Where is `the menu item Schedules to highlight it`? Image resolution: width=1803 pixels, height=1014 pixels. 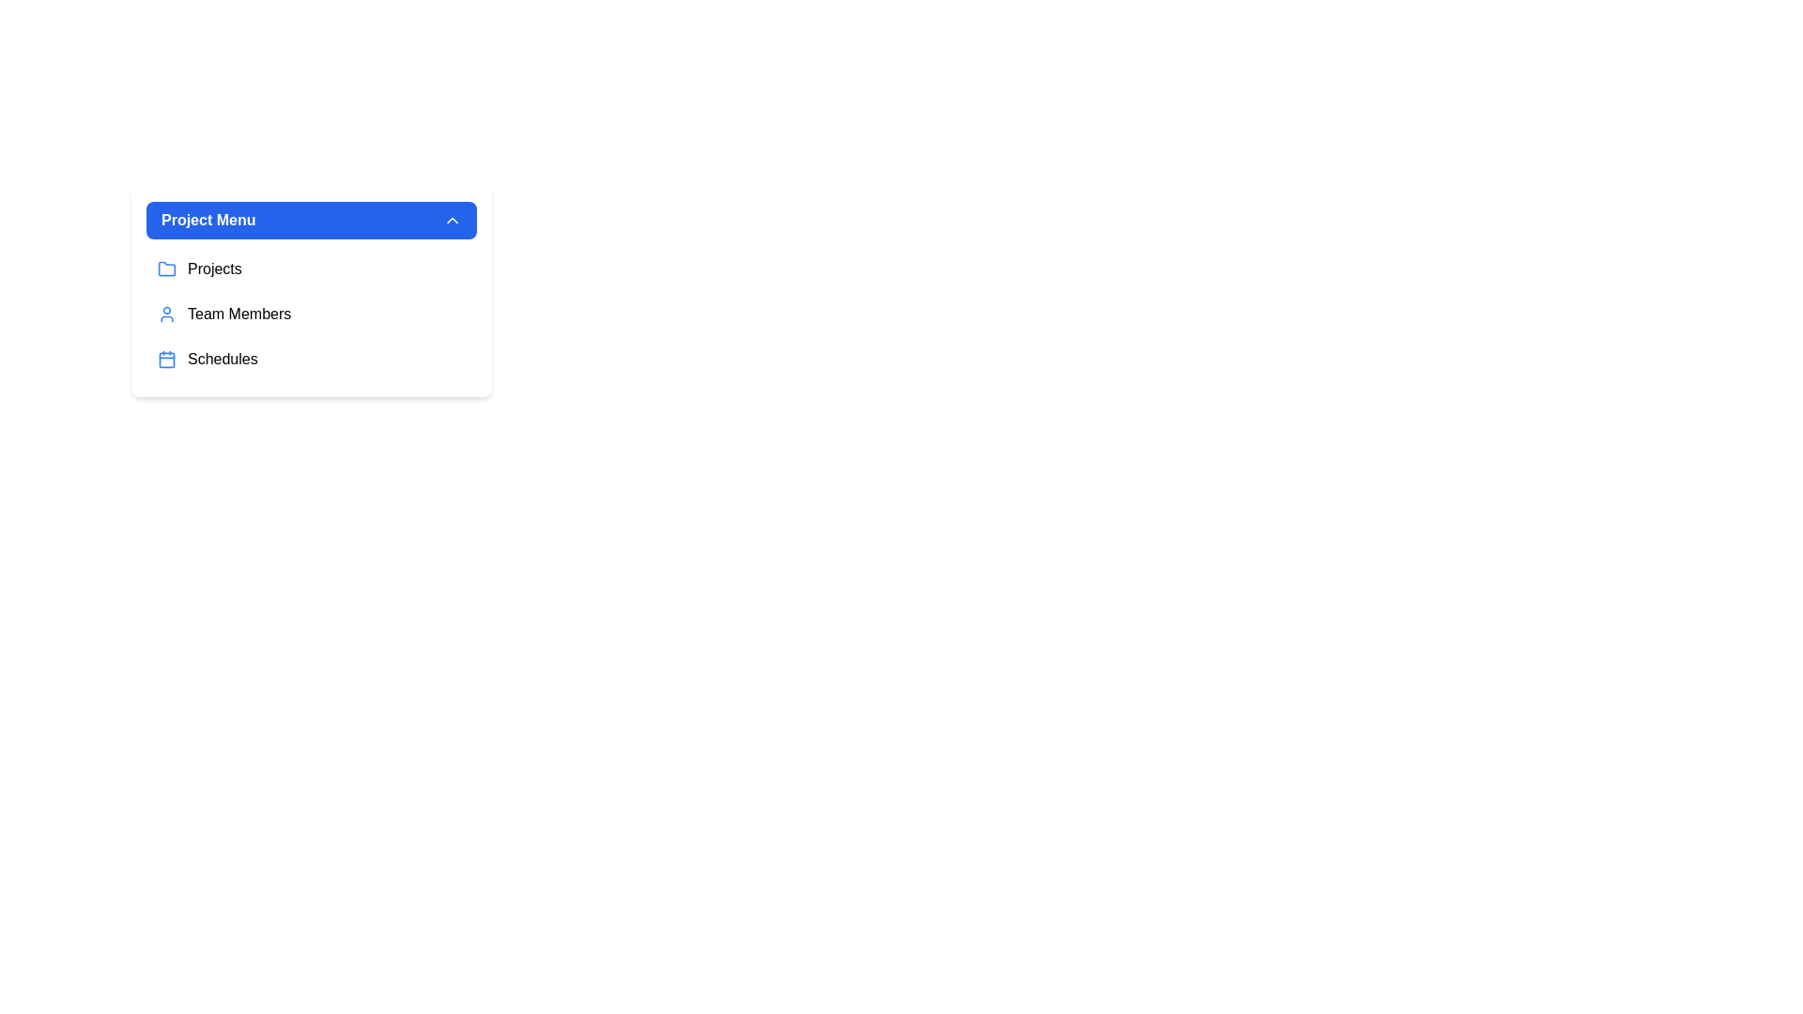
the menu item Schedules to highlight it is located at coordinates (311, 359).